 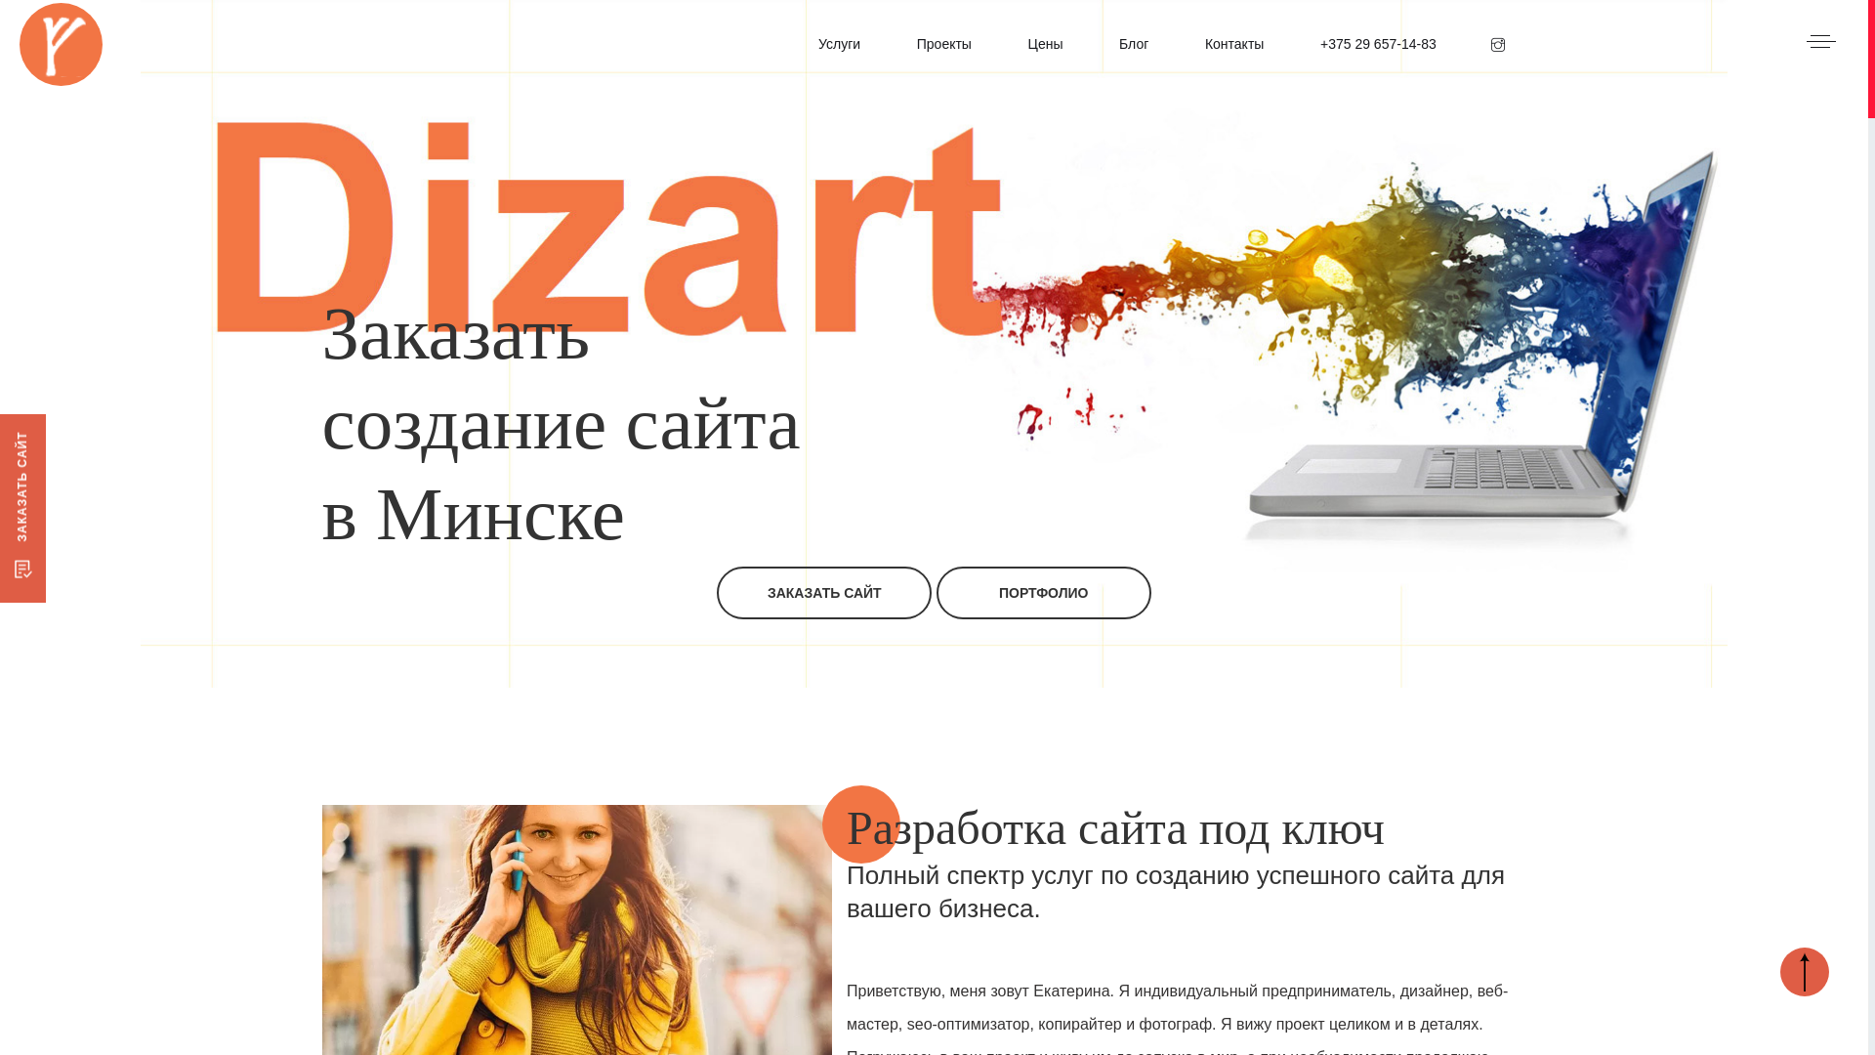 I want to click on '+375 29 657-14-83', so click(x=1377, y=43).